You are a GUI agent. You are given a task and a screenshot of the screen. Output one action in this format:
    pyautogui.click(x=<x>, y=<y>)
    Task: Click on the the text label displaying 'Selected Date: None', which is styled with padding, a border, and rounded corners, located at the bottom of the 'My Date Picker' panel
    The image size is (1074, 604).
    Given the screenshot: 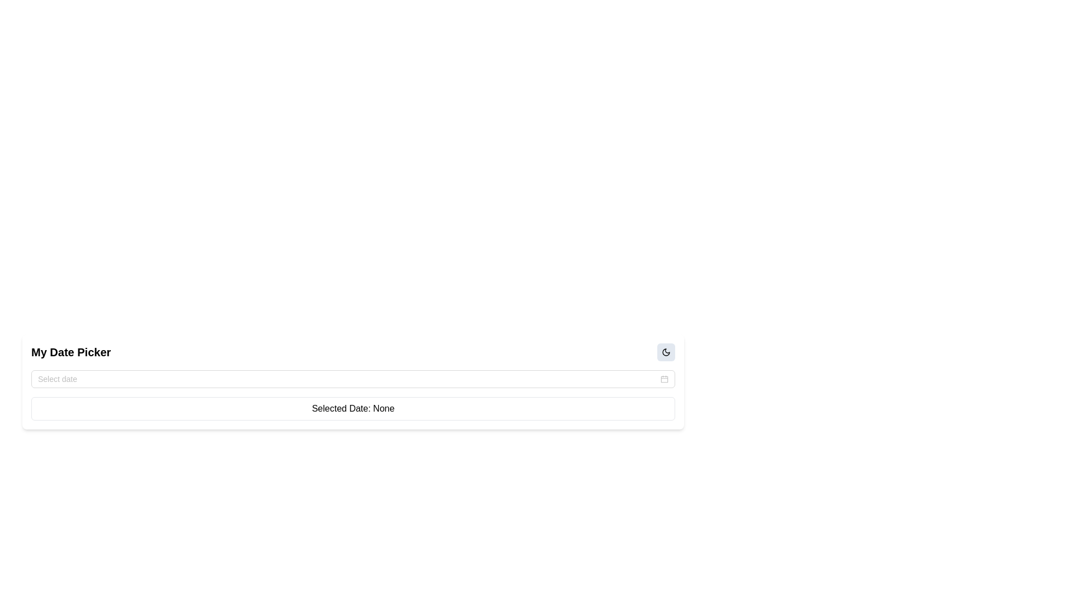 What is the action you would take?
    pyautogui.click(x=352, y=409)
    